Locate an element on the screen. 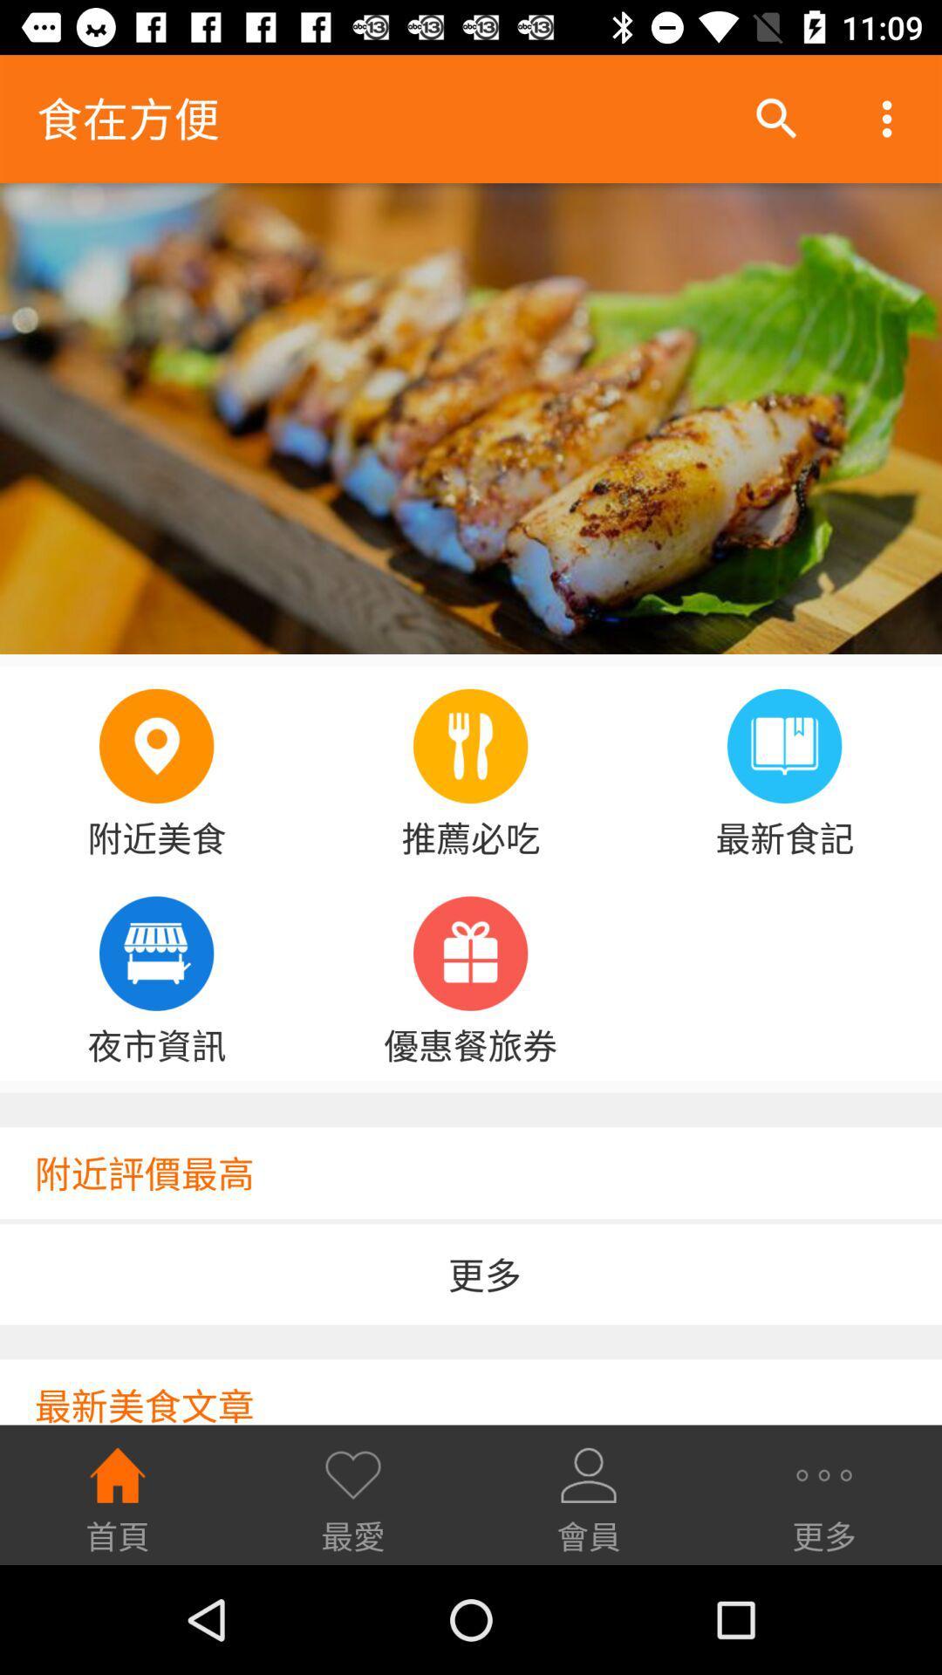  the search icon is located at coordinates (776, 119).